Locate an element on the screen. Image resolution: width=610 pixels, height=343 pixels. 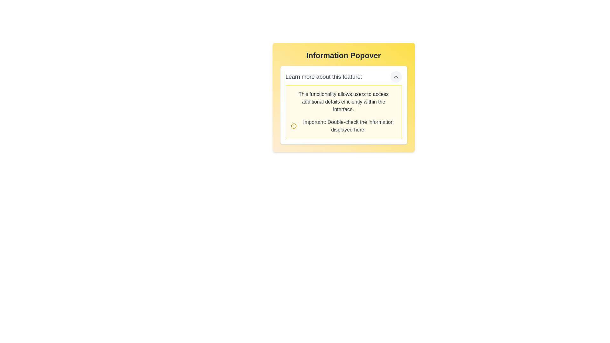
the yellow circular graphical icon within the warning icon located on the right-hand side of the Information Popover is located at coordinates (293, 126).